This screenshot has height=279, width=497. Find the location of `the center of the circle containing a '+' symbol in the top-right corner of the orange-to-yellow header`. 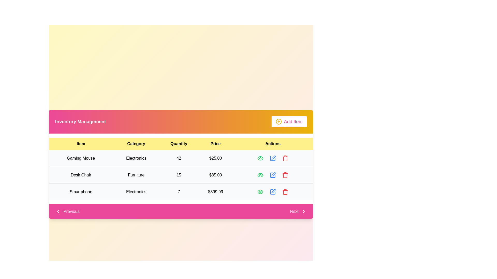

the center of the circle containing a '+' symbol in the top-right corner of the orange-to-yellow header is located at coordinates (278, 121).